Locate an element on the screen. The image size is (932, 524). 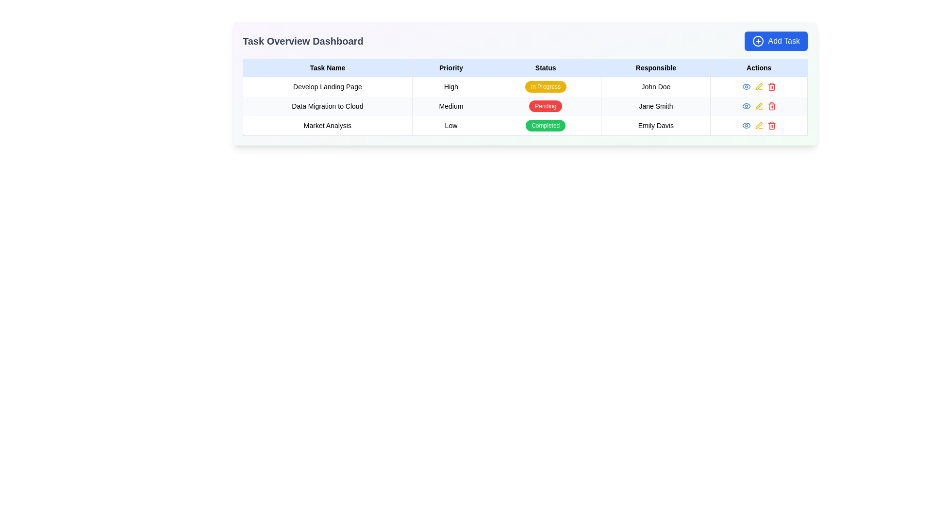
the first cell in the 'Task Name' column of the second row is located at coordinates (327, 106).